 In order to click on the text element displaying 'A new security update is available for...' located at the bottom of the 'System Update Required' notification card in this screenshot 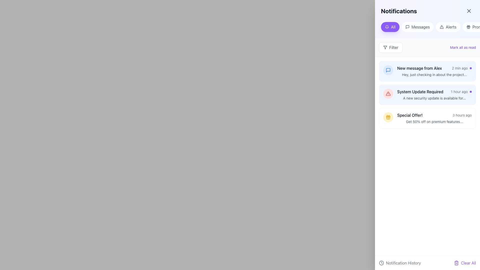, I will do `click(434, 98)`.